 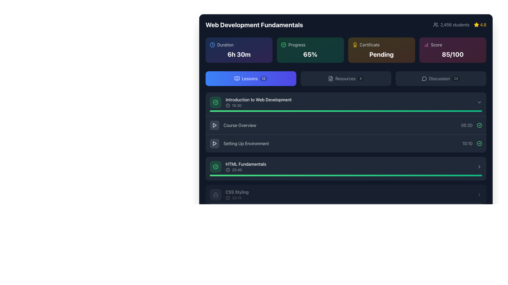 I want to click on the Text label that describes the numerical value displayed below it, which represents a score or rating, located in the header section to the right of the chart icon and above '85/100', so click(x=436, y=44).